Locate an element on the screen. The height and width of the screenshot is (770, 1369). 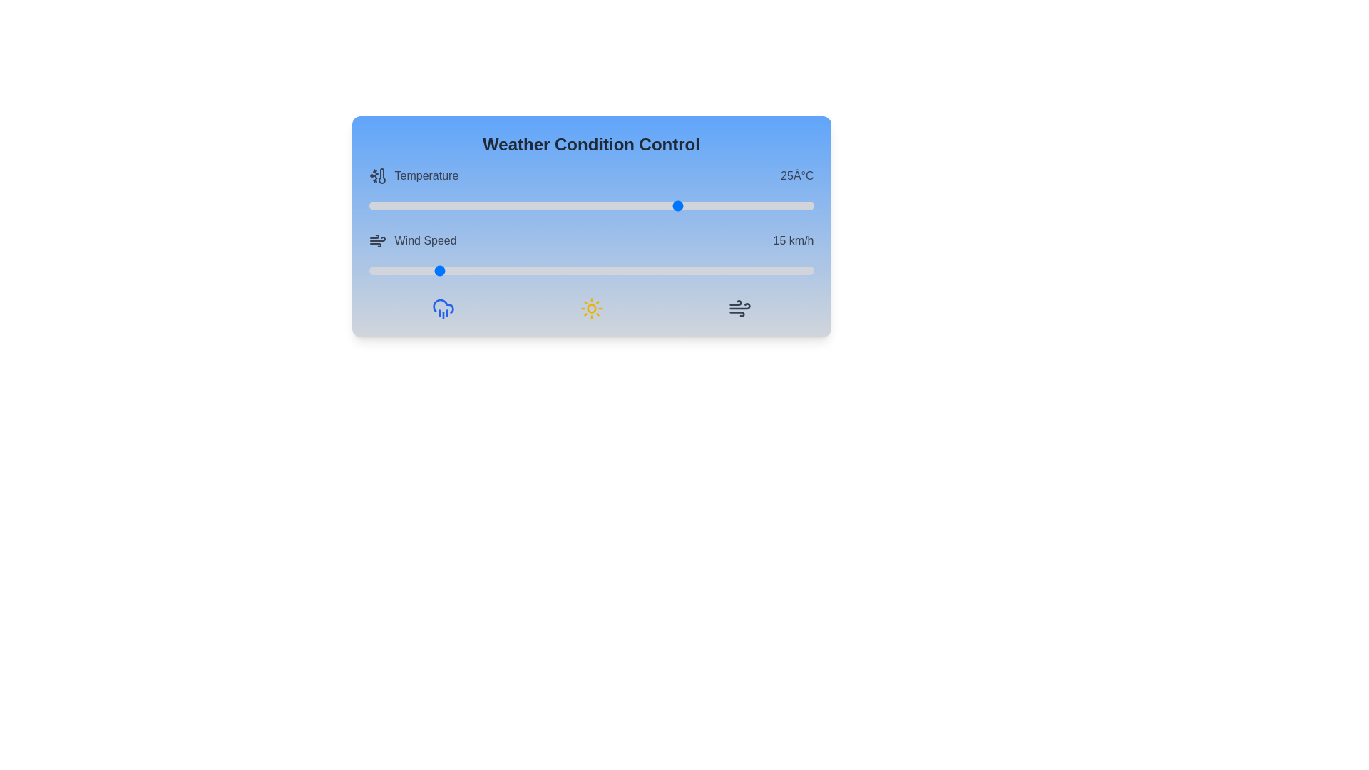
the wind icon in the WeatherConditionControl component is located at coordinates (739, 307).